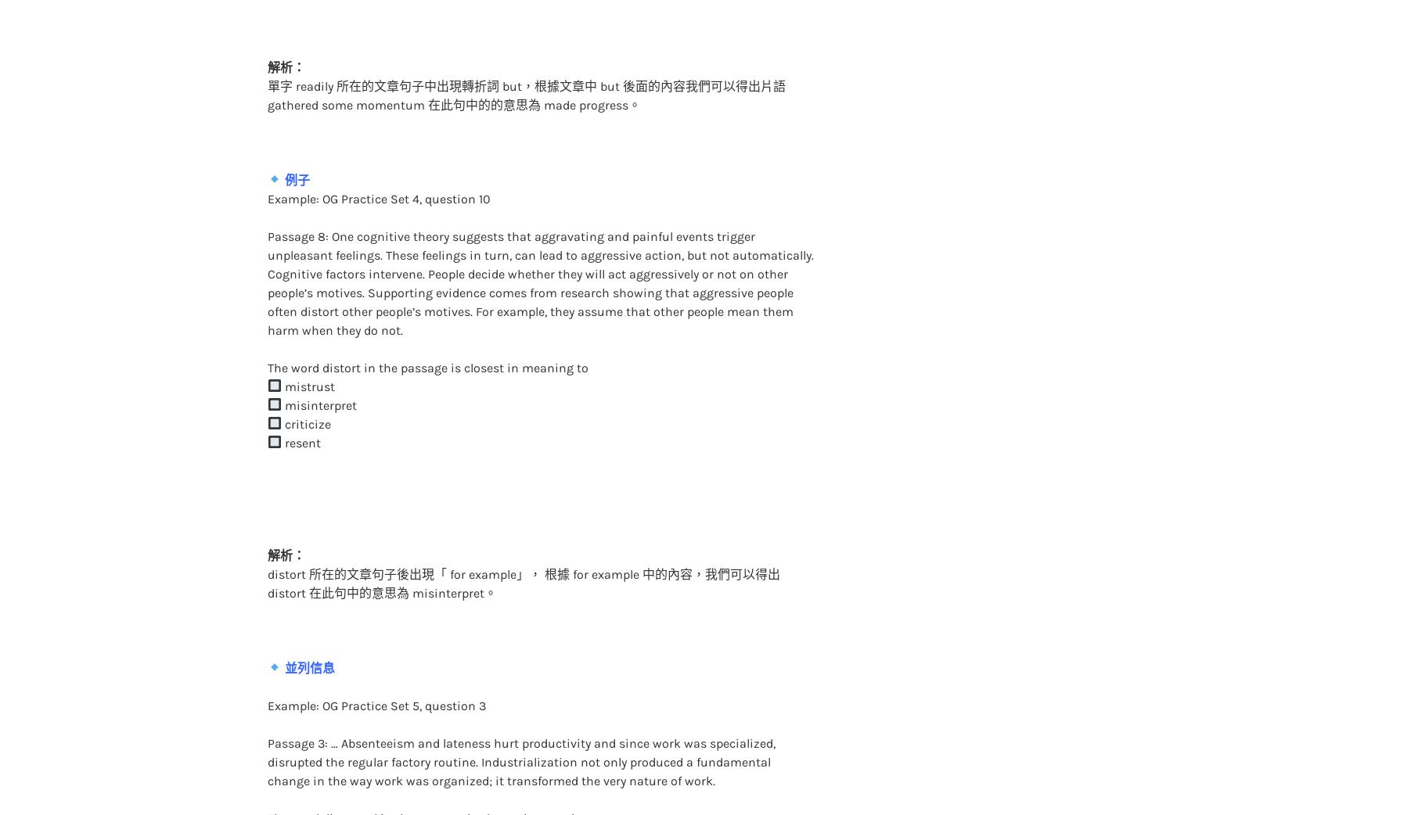  What do you see at coordinates (426, 335) in the screenshot?
I see `'The word distort in the passage is closest in meaning to'` at bounding box center [426, 335].